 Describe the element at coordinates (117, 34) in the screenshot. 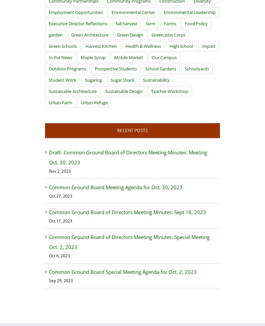

I see `'Green Design'` at that location.